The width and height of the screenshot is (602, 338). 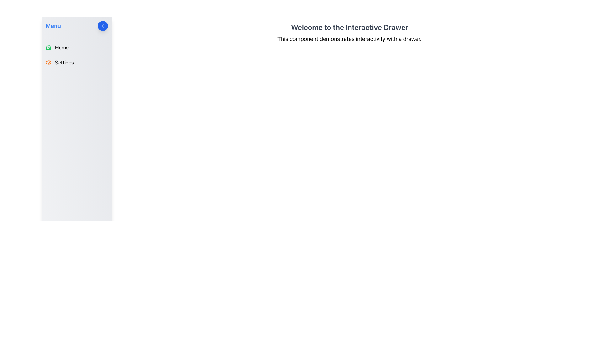 What do you see at coordinates (76, 63) in the screenshot?
I see `the 'Settings' horizontal list item in the navigation menu` at bounding box center [76, 63].